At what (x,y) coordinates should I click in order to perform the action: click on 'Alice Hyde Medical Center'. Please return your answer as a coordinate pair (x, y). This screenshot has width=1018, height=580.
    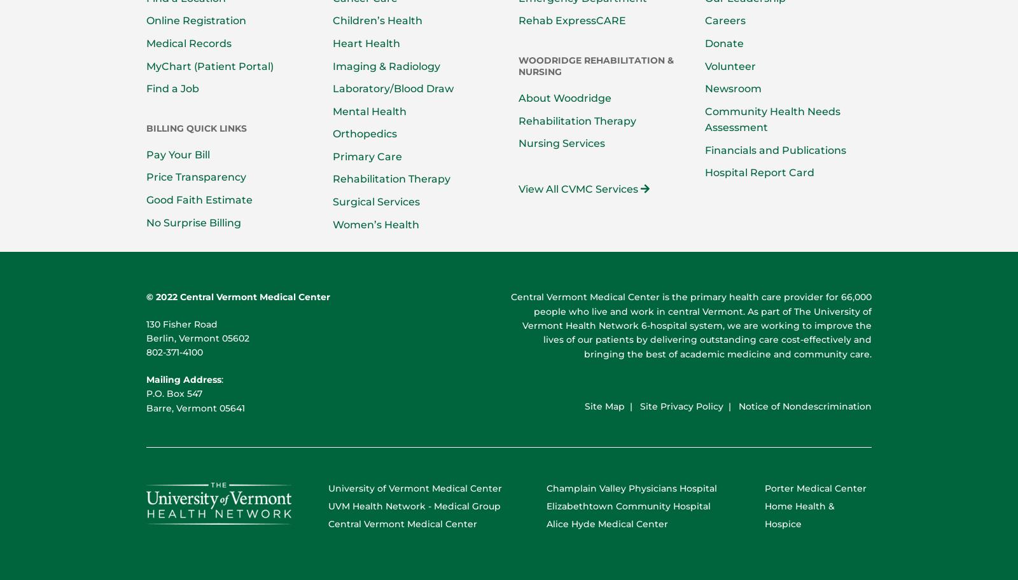
    Looking at the image, I should click on (606, 523).